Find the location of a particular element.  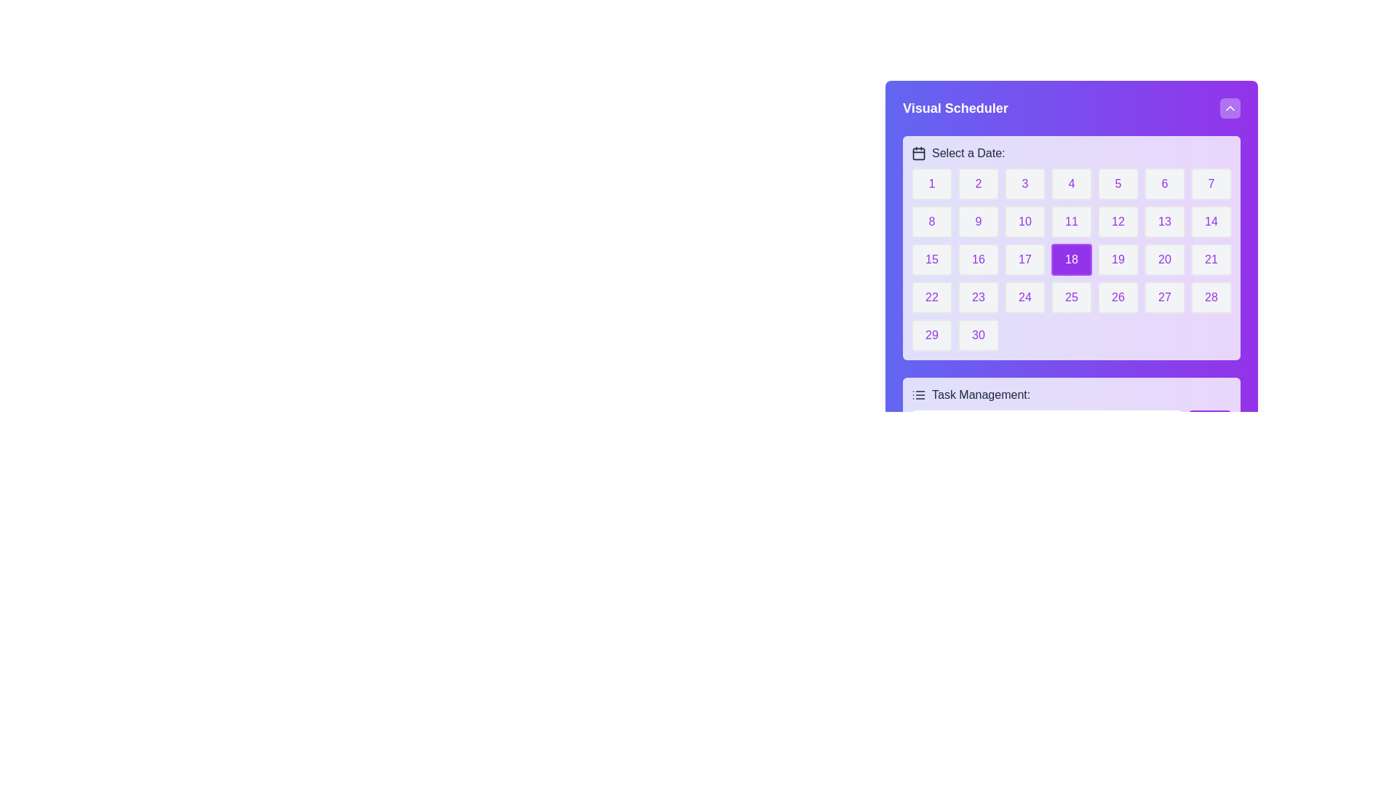

the button representing the date '22' in the visual calendar interface is located at coordinates (932, 296).